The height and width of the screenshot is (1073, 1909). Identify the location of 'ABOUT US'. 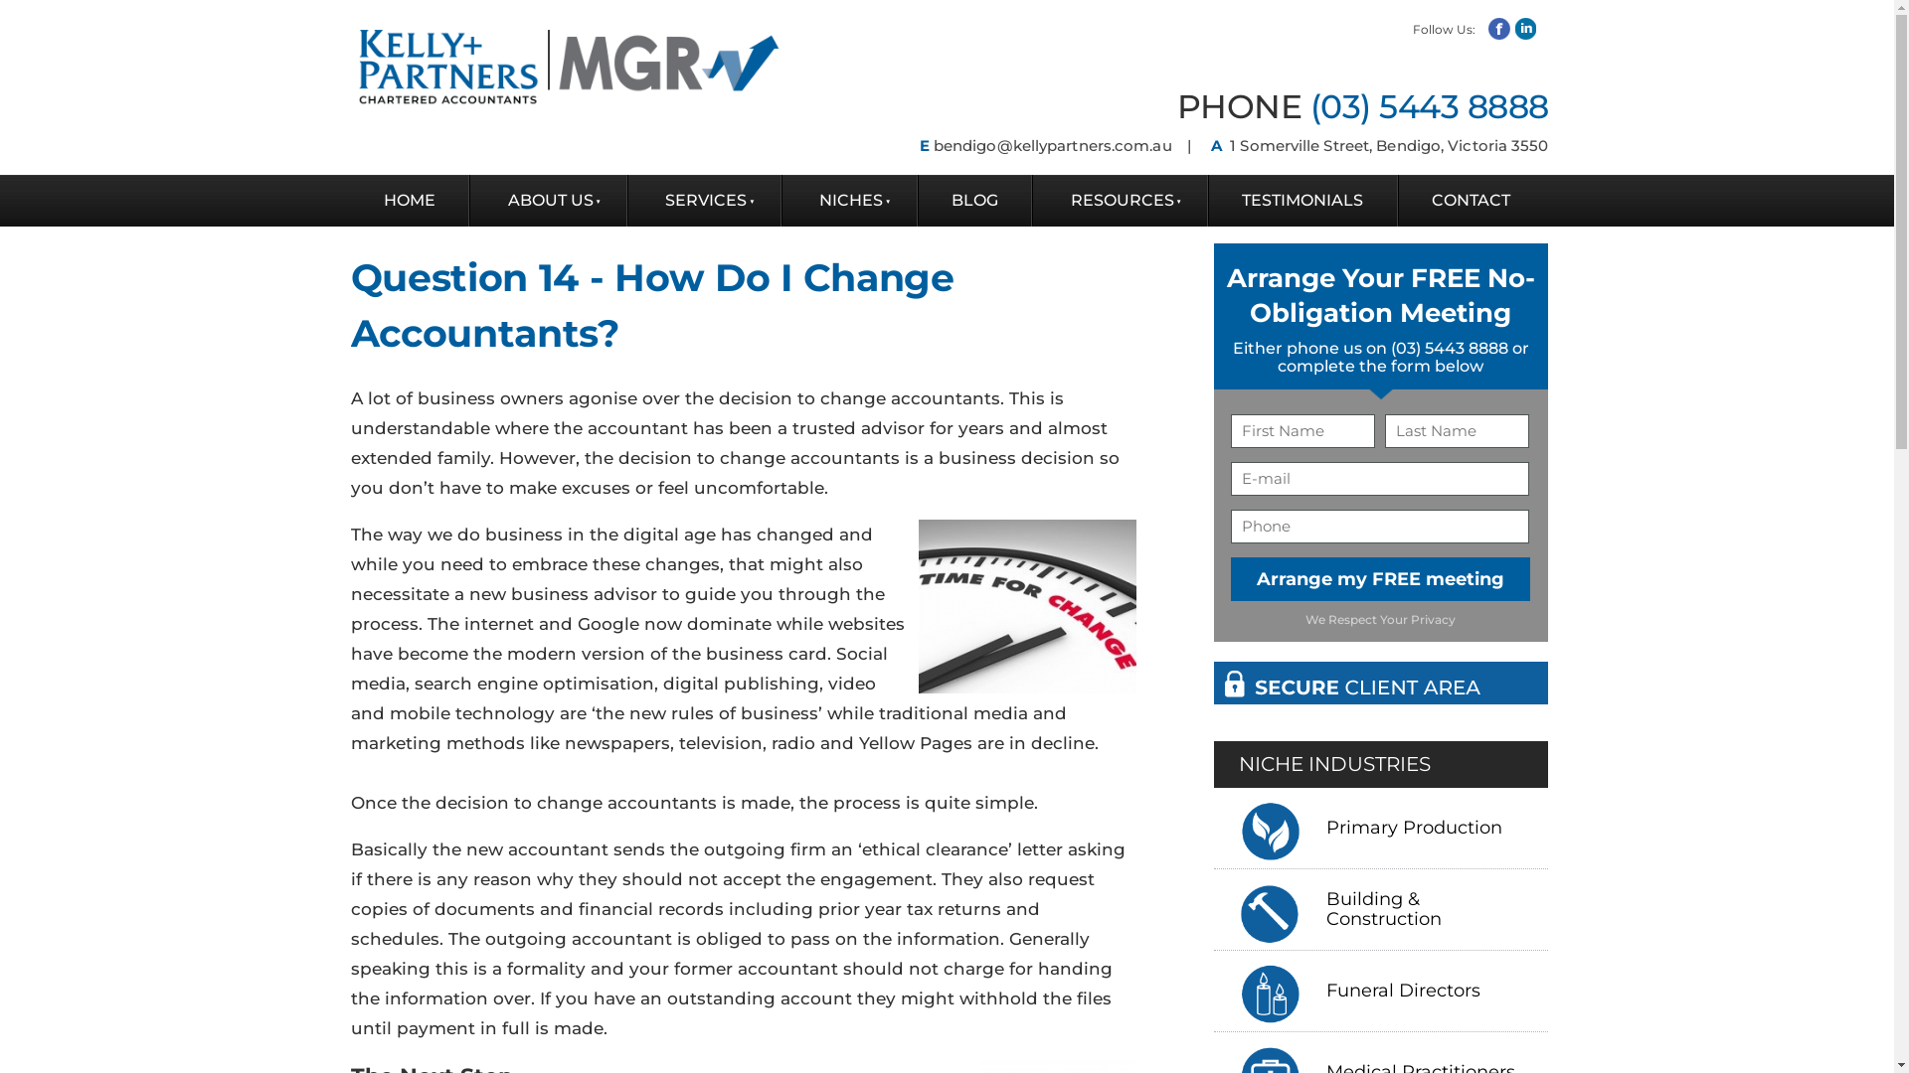
(548, 200).